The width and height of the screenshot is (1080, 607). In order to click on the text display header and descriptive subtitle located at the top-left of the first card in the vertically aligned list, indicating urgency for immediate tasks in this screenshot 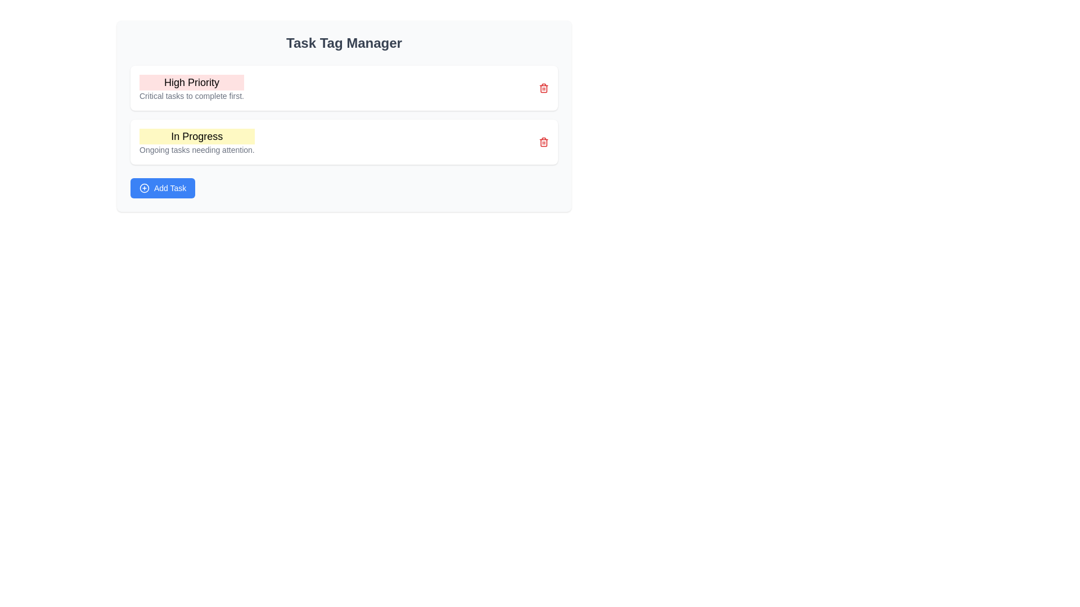, I will do `click(191, 88)`.